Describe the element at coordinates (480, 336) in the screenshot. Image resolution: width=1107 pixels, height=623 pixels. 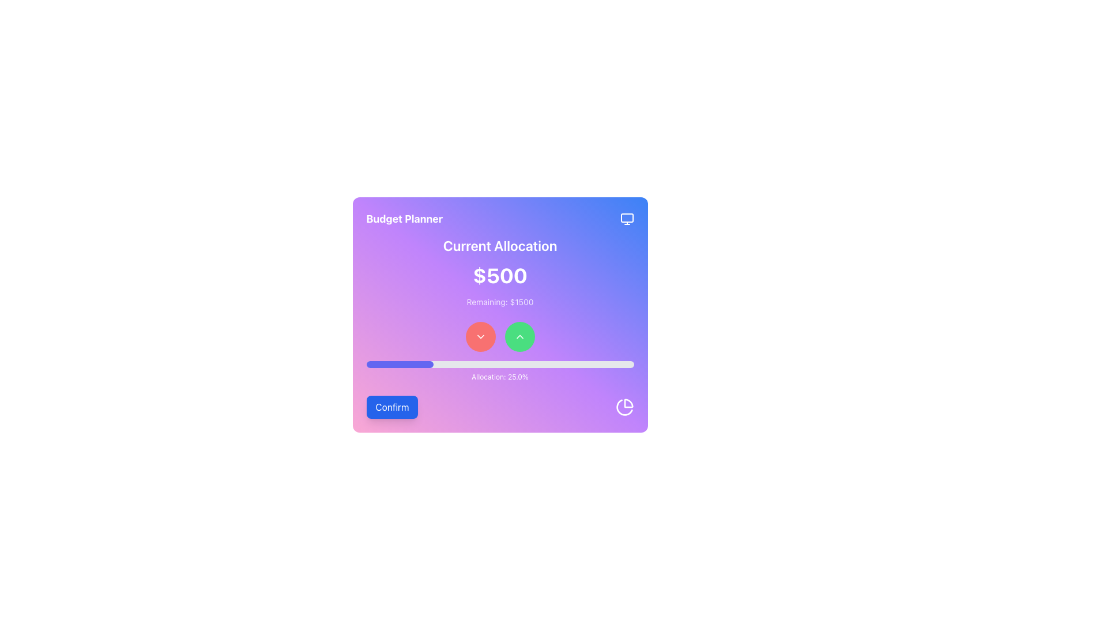
I see `the first circular button that decreases the budget allocation located beneath the '$500' label` at that location.